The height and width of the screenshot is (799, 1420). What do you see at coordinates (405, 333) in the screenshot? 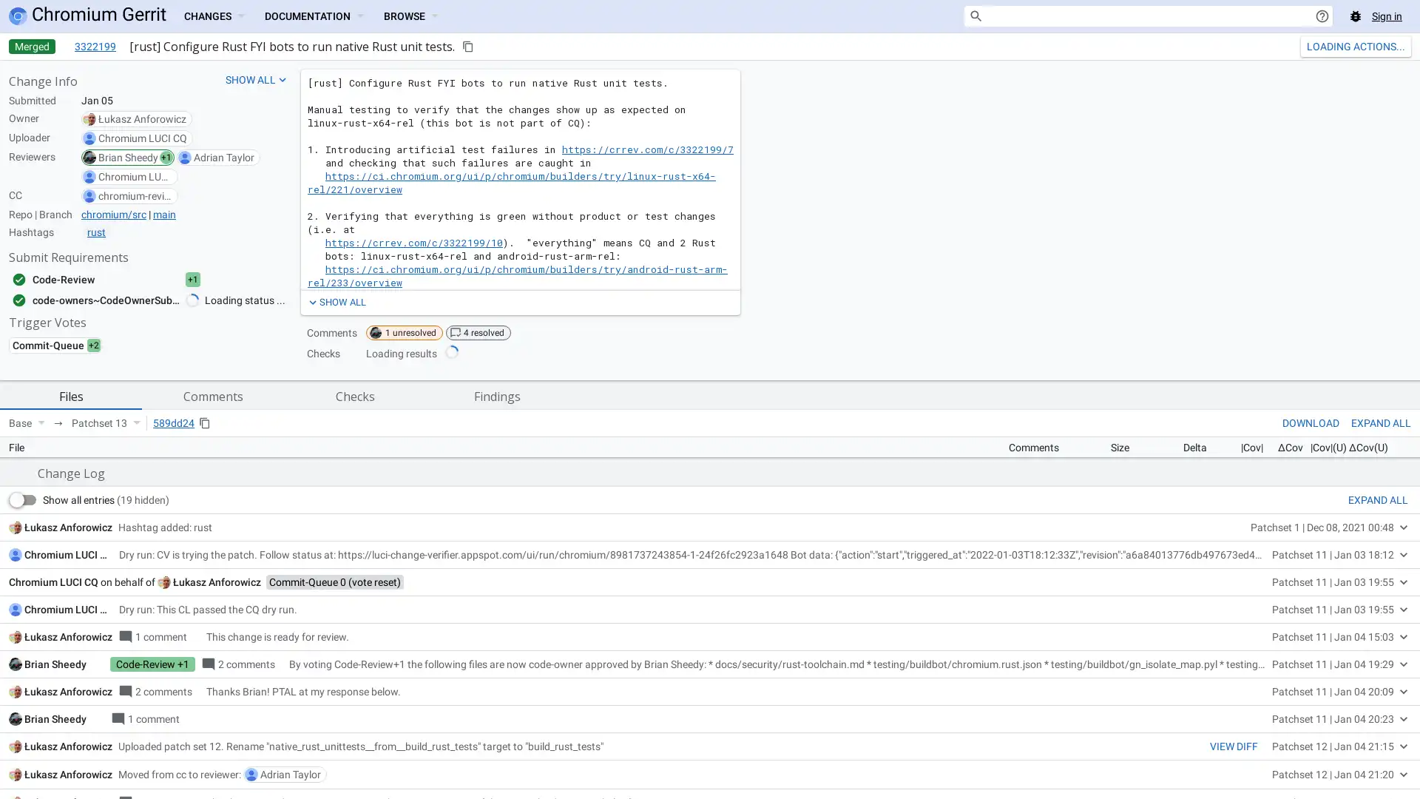
I see `1 unresolved` at bounding box center [405, 333].